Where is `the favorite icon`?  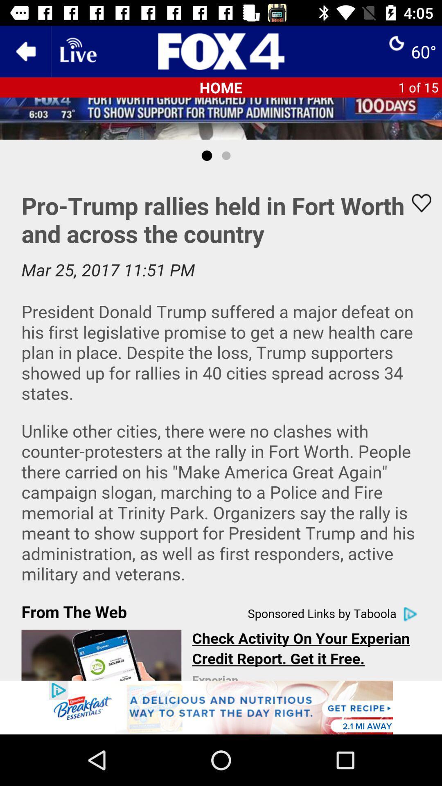 the favorite icon is located at coordinates (416, 203).